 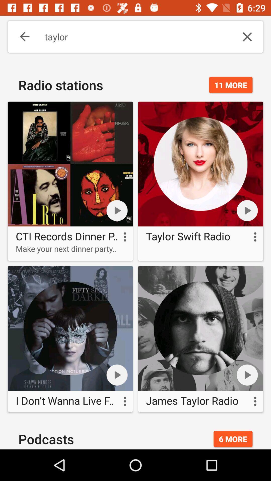 I want to click on the icon next to podcasts, so click(x=233, y=439).